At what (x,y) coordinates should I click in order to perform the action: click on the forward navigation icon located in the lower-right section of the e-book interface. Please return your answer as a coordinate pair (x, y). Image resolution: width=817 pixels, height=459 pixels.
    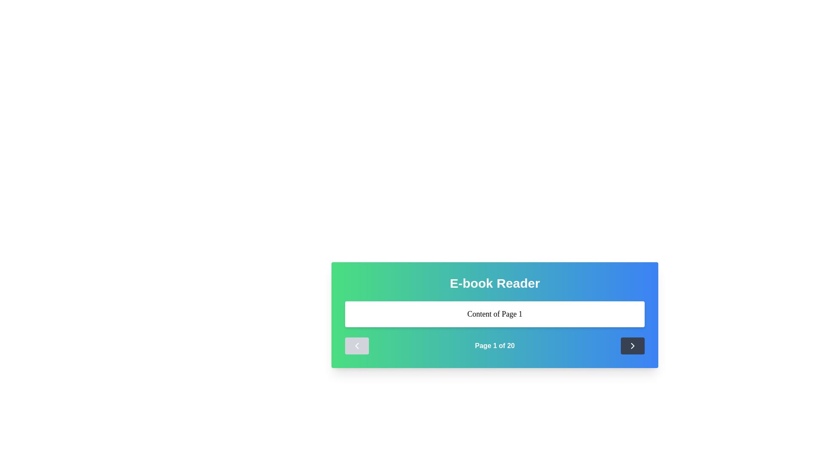
    Looking at the image, I should click on (633, 346).